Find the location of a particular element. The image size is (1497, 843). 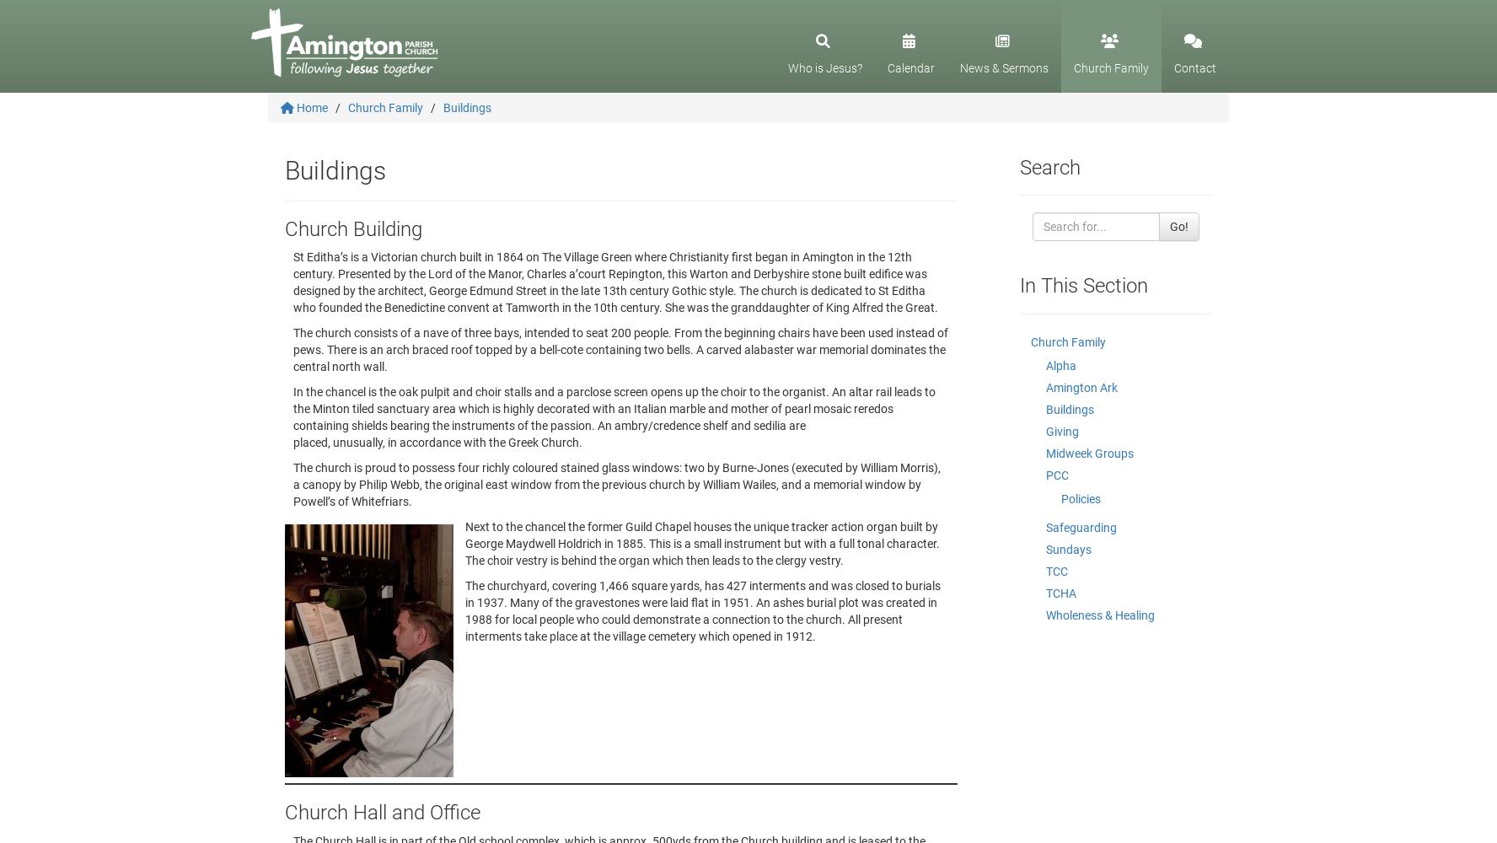

'In the chancel is the oak pulpit and choir stalls and a parclose screen opens up the choir to the organist. An altar rail leads to the Minton tiled sanctuary area which is highly decorated with an Italian marble and mother of pearl mosaic reredos containing shields bearing the instruments of the passion. An ambry/credence shelf and sedilia are' is located at coordinates (292, 408).